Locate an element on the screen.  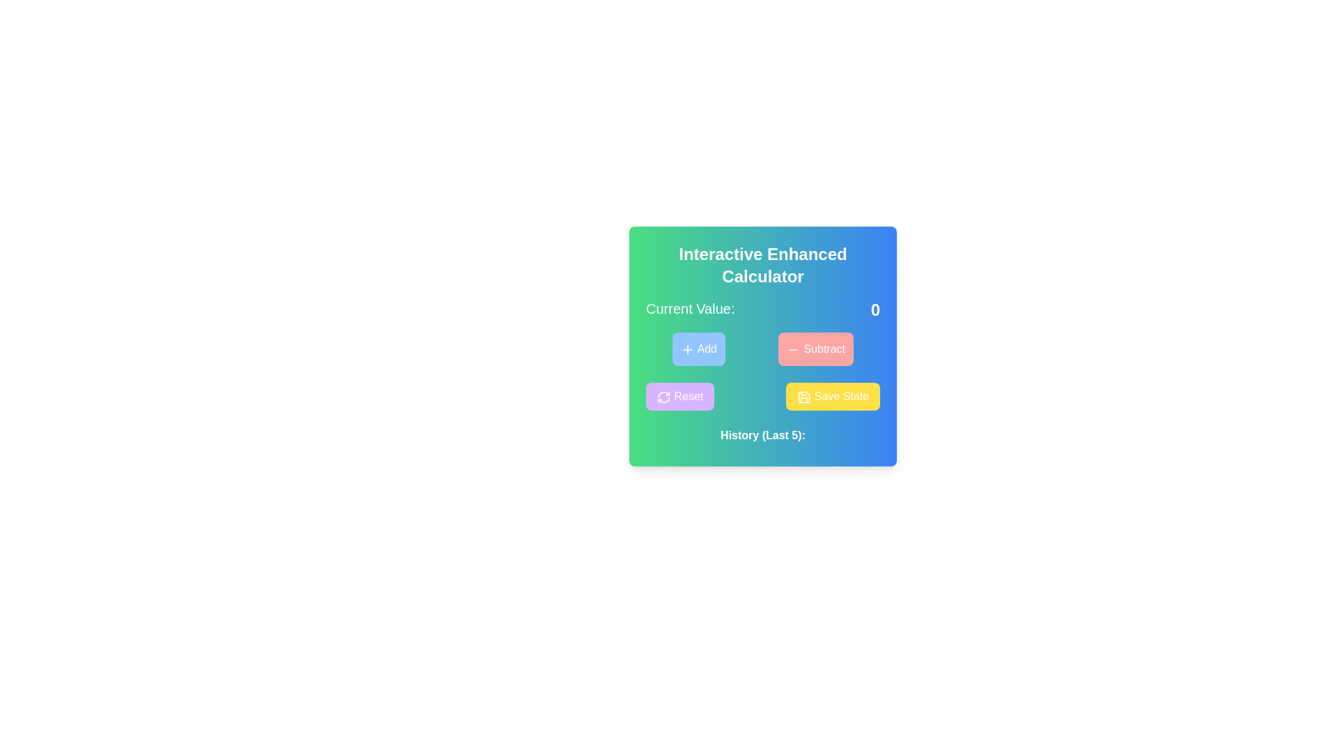
the 'Reset' button located in the bottom-left section of the interface to reset the current value to its initial state is located at coordinates (680, 397).